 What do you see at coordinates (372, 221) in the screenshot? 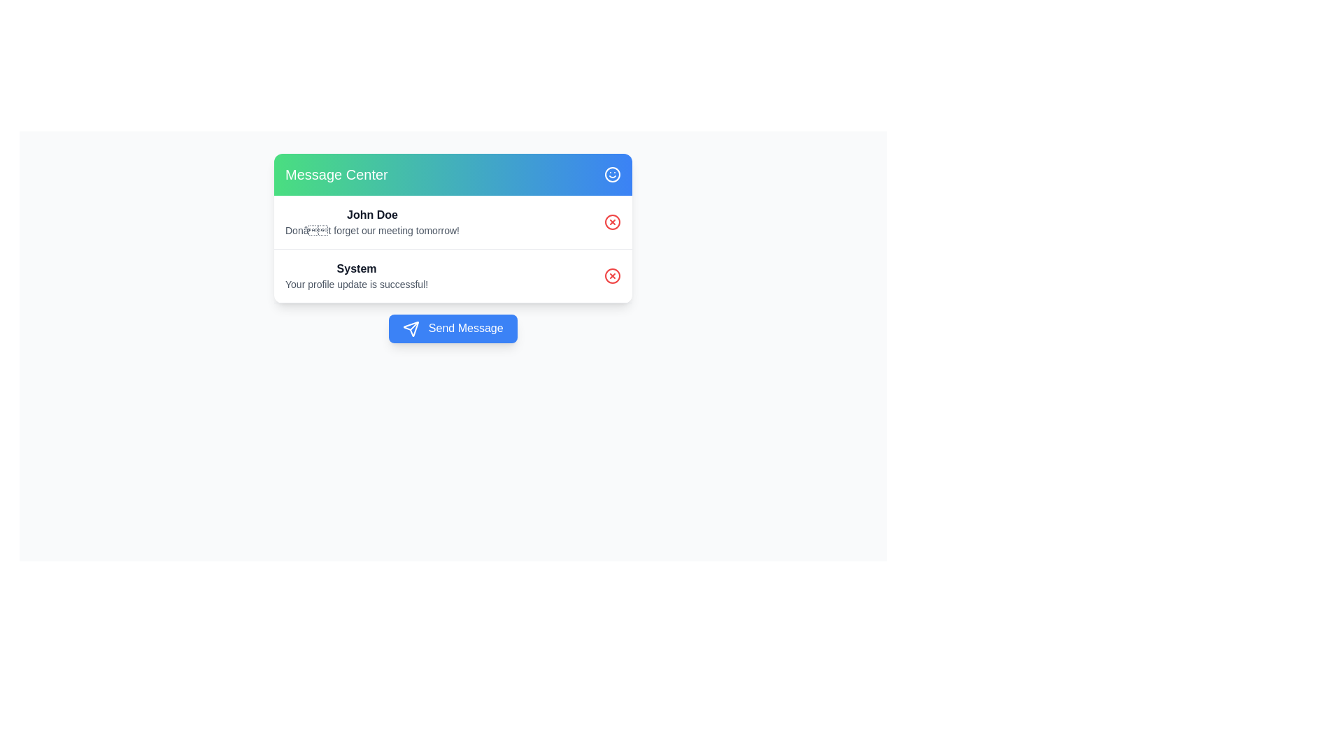
I see `the name or message text displayed in the Text Display element located at the top-left corner of the 'Message Center' section` at bounding box center [372, 221].